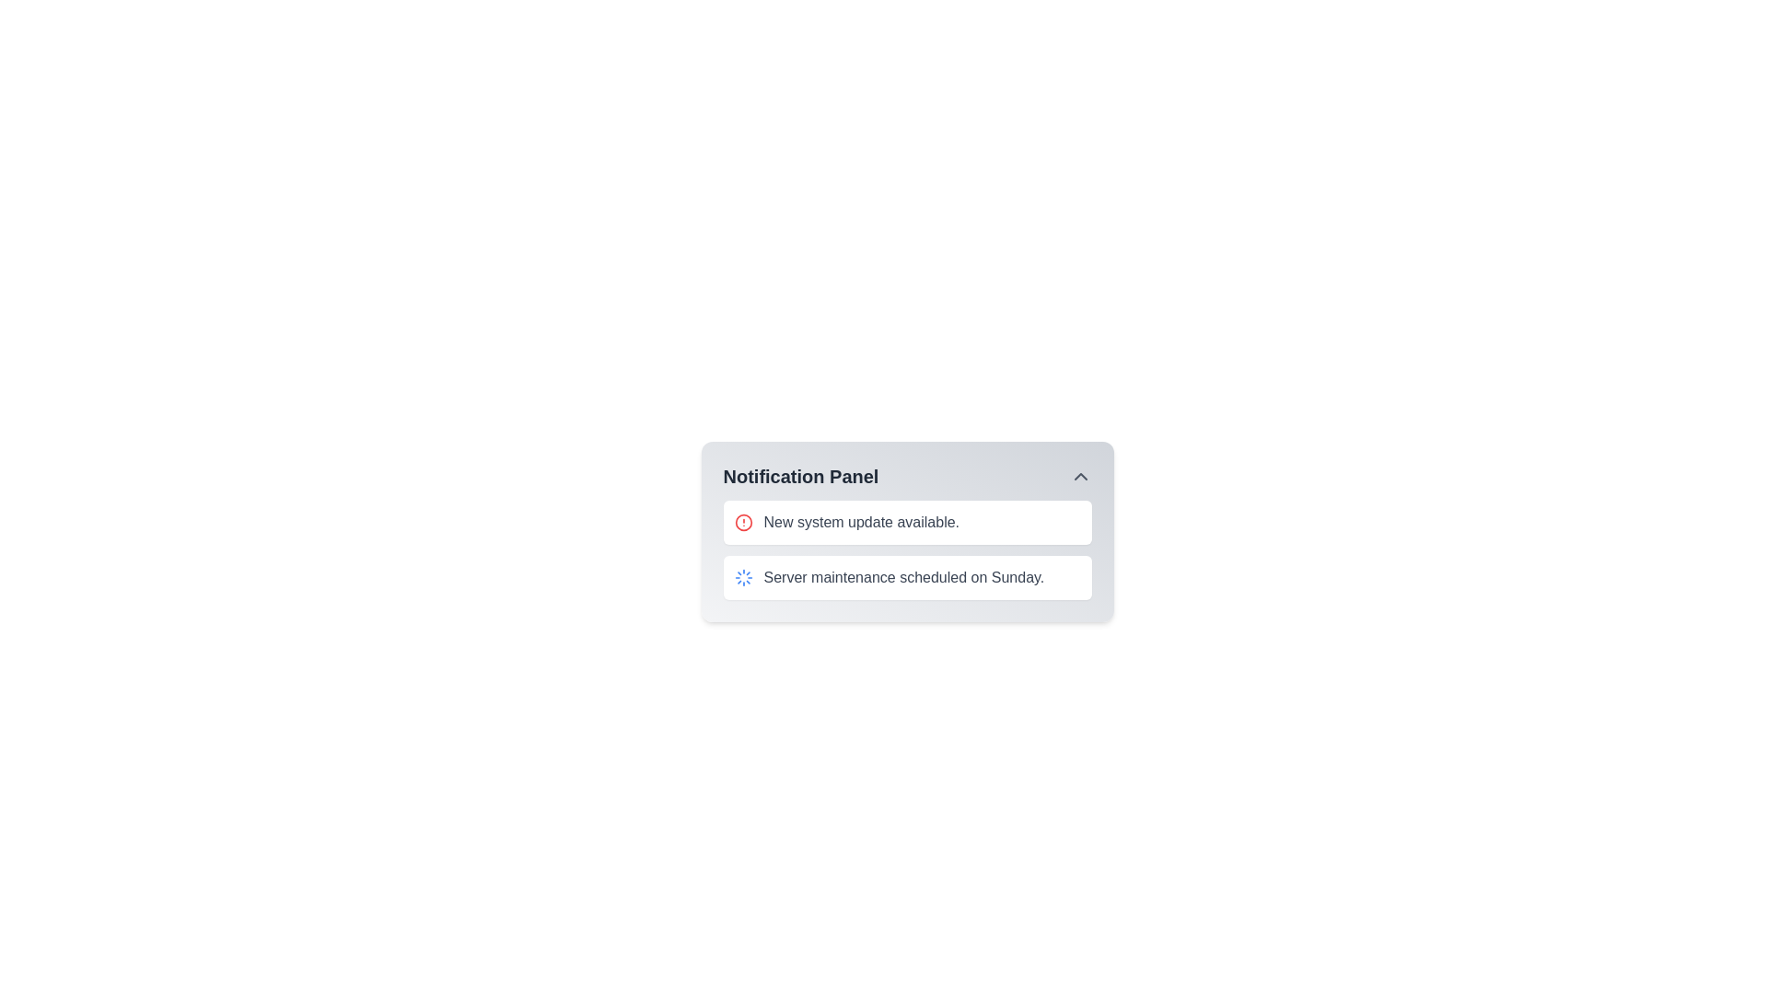 The width and height of the screenshot is (1768, 994). What do you see at coordinates (907, 522) in the screenshot?
I see `the first notification item with a white background and a red alert icon that contains the text 'New system update available.' to acknowledge or view details of the notification` at bounding box center [907, 522].